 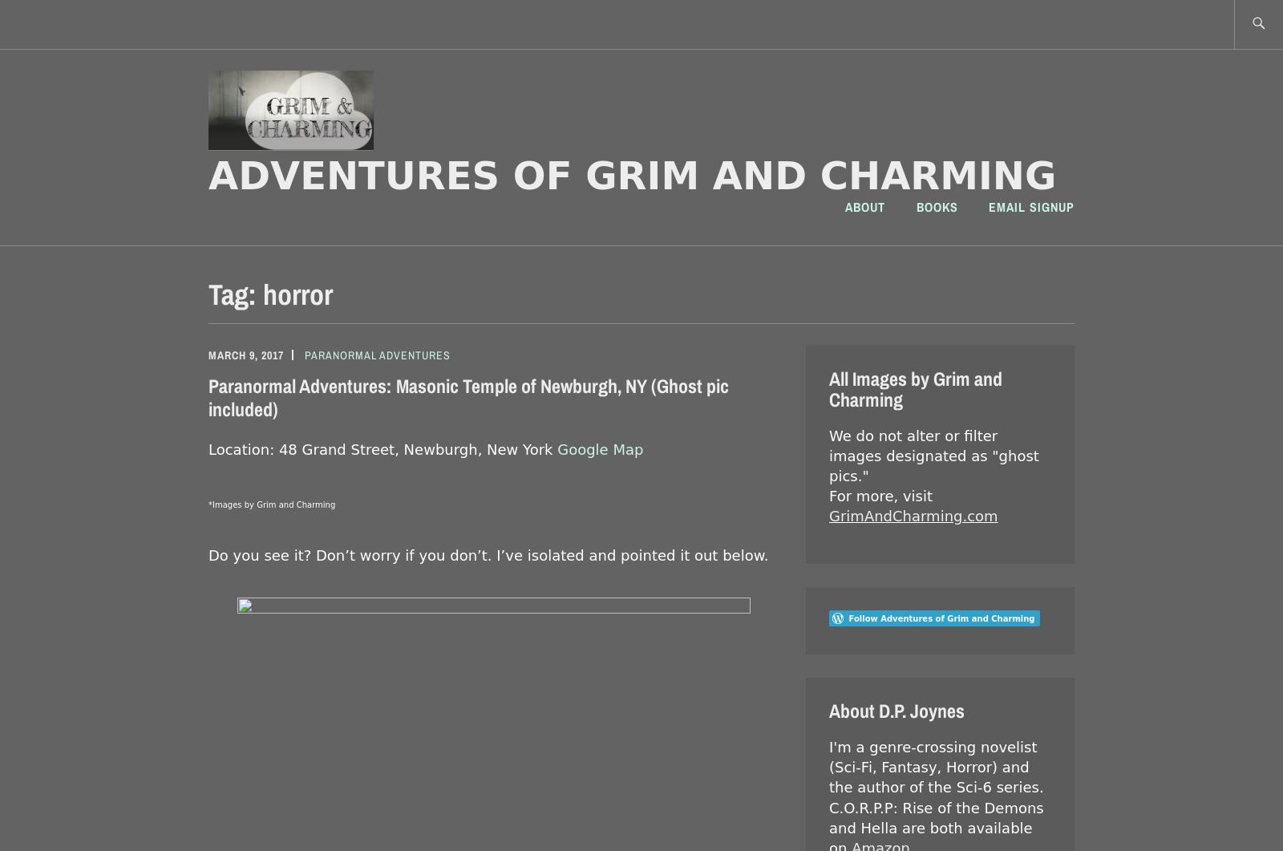 I want to click on 'GrimAndCharming.com', so click(x=913, y=515).